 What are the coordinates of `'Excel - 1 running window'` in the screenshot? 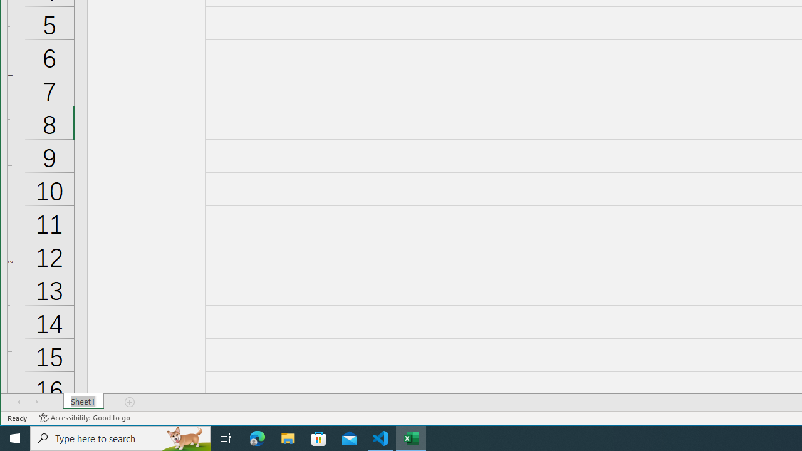 It's located at (411, 437).